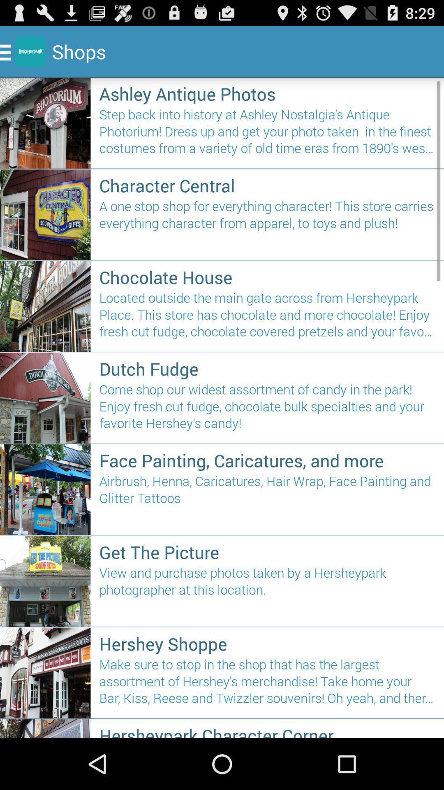  I want to click on the item above character central icon, so click(267, 135).